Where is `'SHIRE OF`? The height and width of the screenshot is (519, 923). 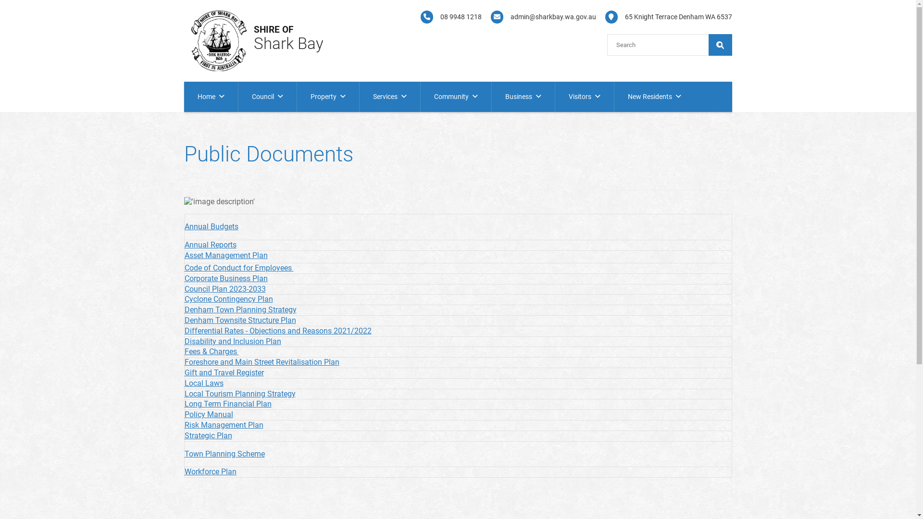
'SHIRE OF is located at coordinates (274, 31).